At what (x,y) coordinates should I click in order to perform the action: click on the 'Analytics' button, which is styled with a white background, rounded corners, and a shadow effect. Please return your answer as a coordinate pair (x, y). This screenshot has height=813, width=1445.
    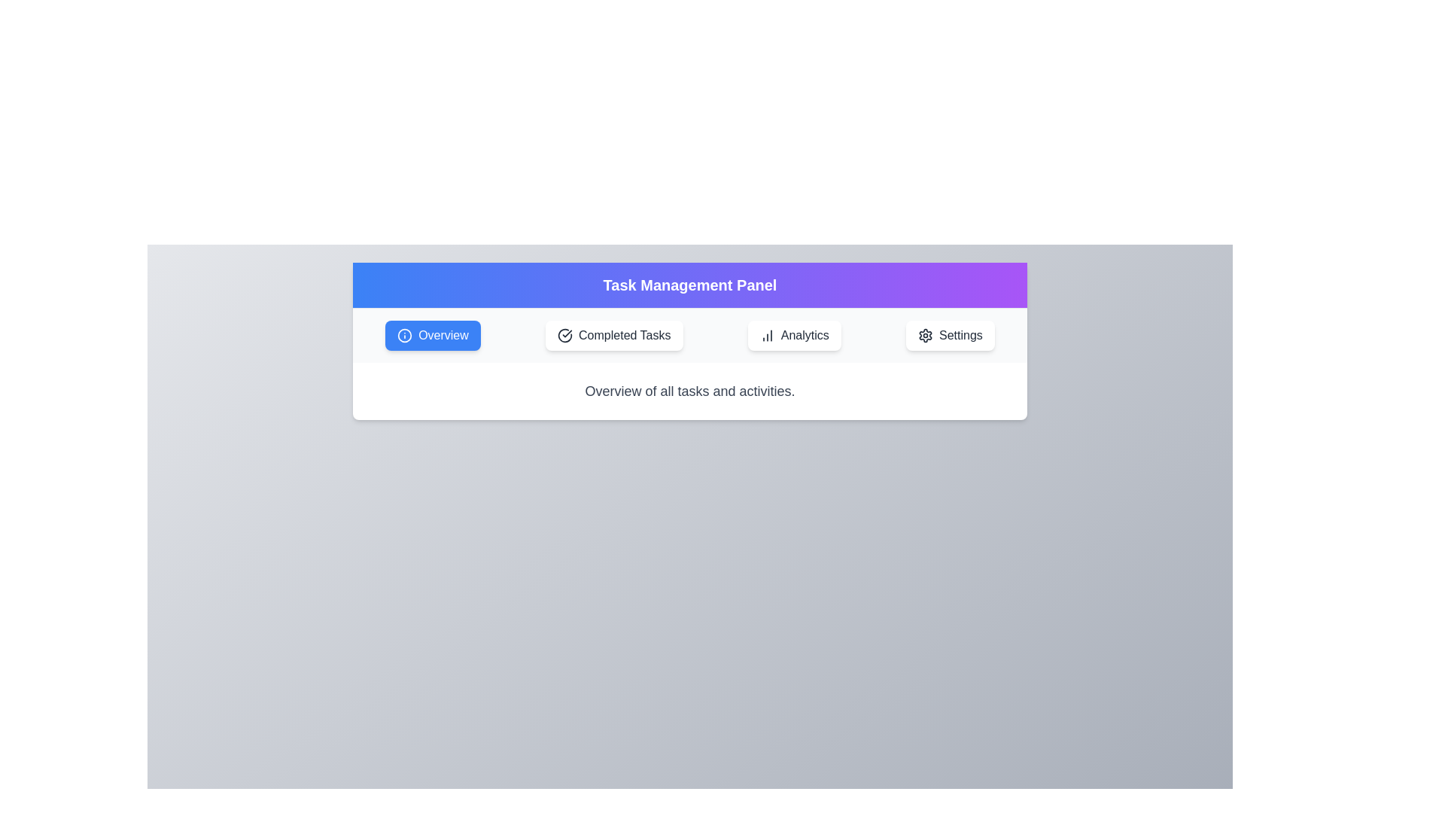
    Looking at the image, I should click on (793, 335).